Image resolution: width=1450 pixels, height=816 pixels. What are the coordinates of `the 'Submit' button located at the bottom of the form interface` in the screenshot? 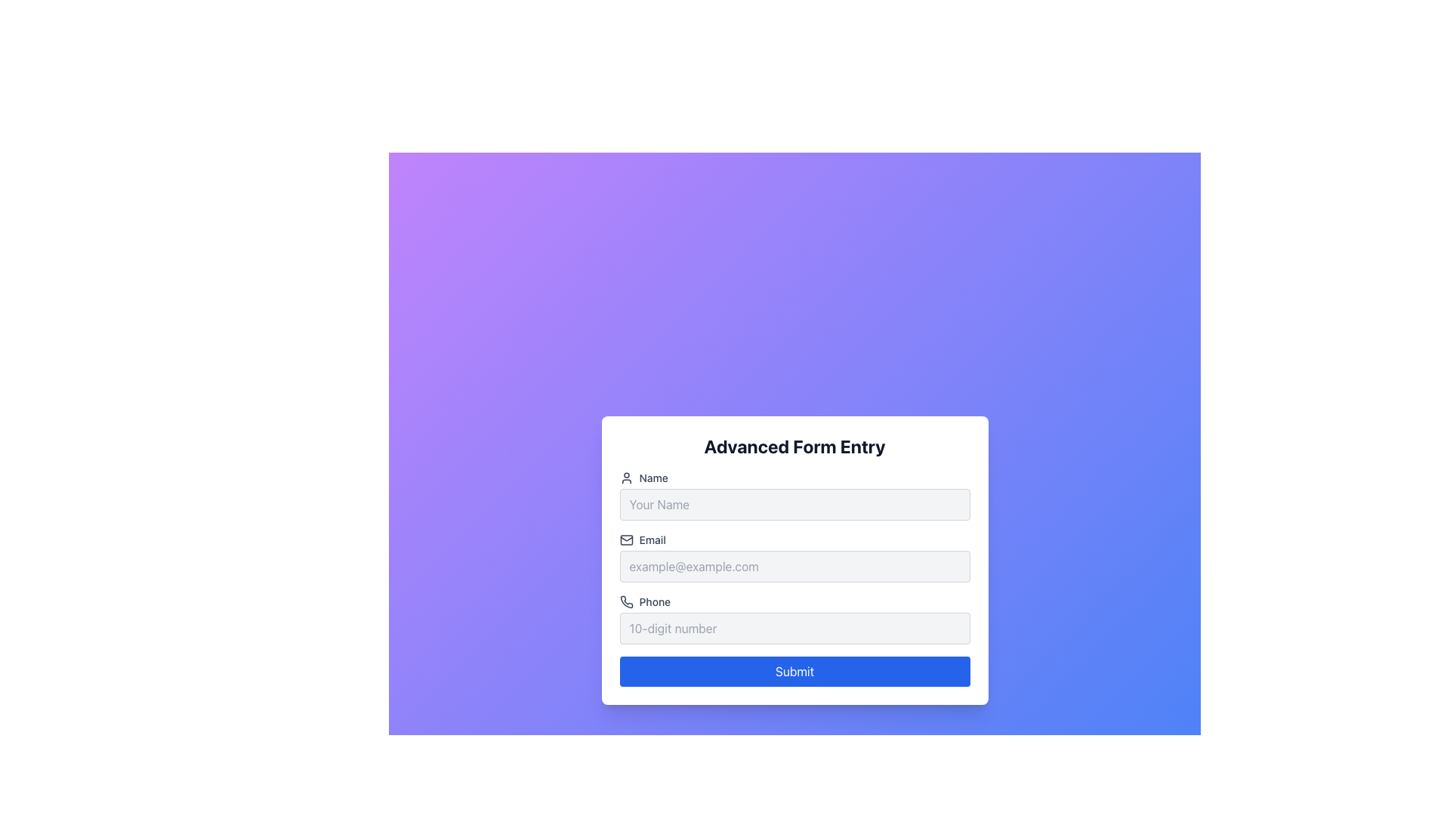 It's located at (794, 670).